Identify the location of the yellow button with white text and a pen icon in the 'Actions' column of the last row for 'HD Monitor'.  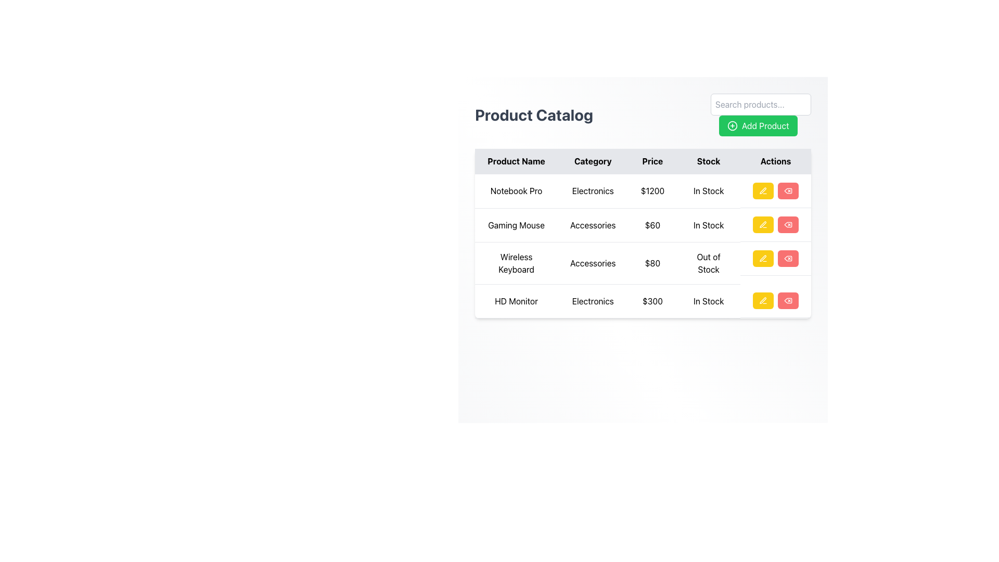
(763, 301).